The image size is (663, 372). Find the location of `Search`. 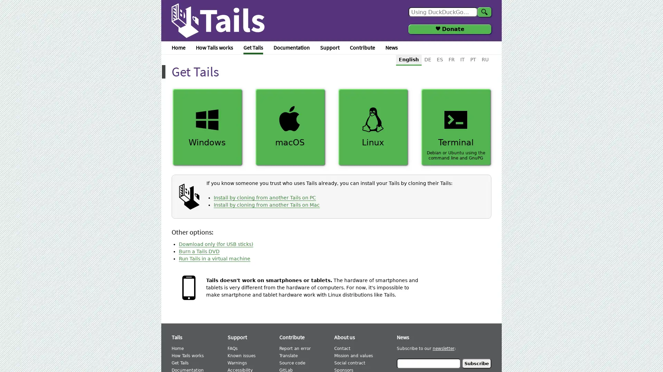

Search is located at coordinates (484, 12).